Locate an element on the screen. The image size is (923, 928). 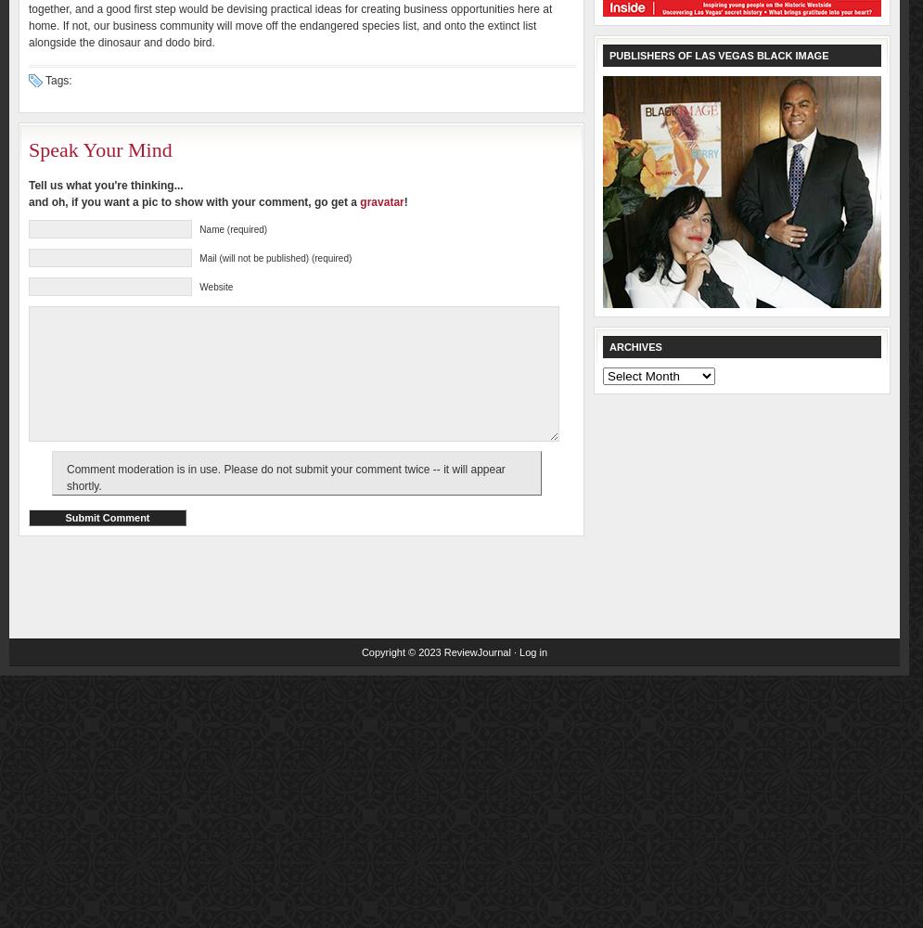
'Log in' is located at coordinates (532, 651).